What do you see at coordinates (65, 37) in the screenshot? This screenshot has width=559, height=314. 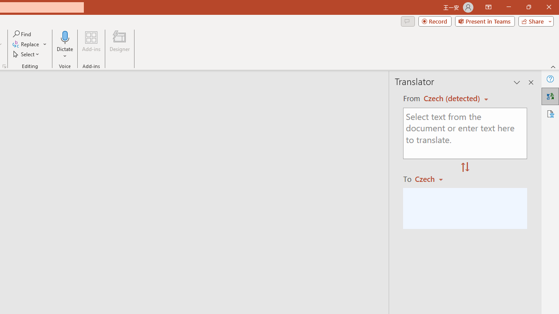 I see `'Dictate'` at bounding box center [65, 37].